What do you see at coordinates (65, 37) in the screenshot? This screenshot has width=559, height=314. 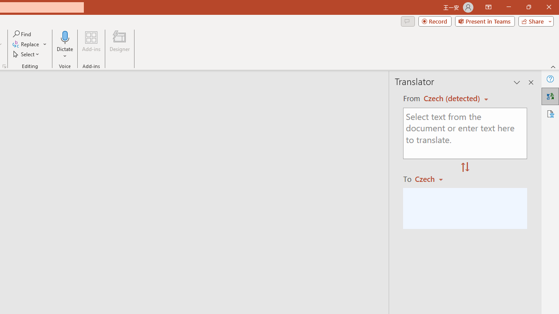 I see `'Dictate'` at bounding box center [65, 37].